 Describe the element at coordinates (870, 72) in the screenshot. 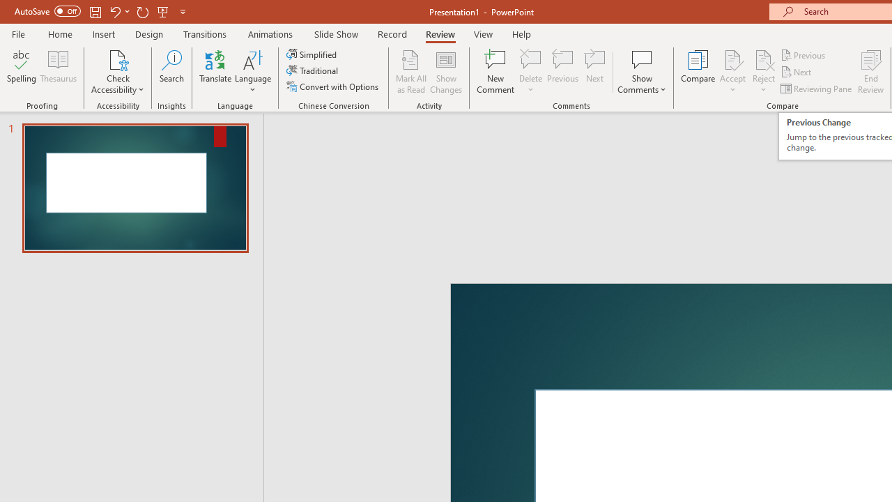

I see `'End Review'` at that location.